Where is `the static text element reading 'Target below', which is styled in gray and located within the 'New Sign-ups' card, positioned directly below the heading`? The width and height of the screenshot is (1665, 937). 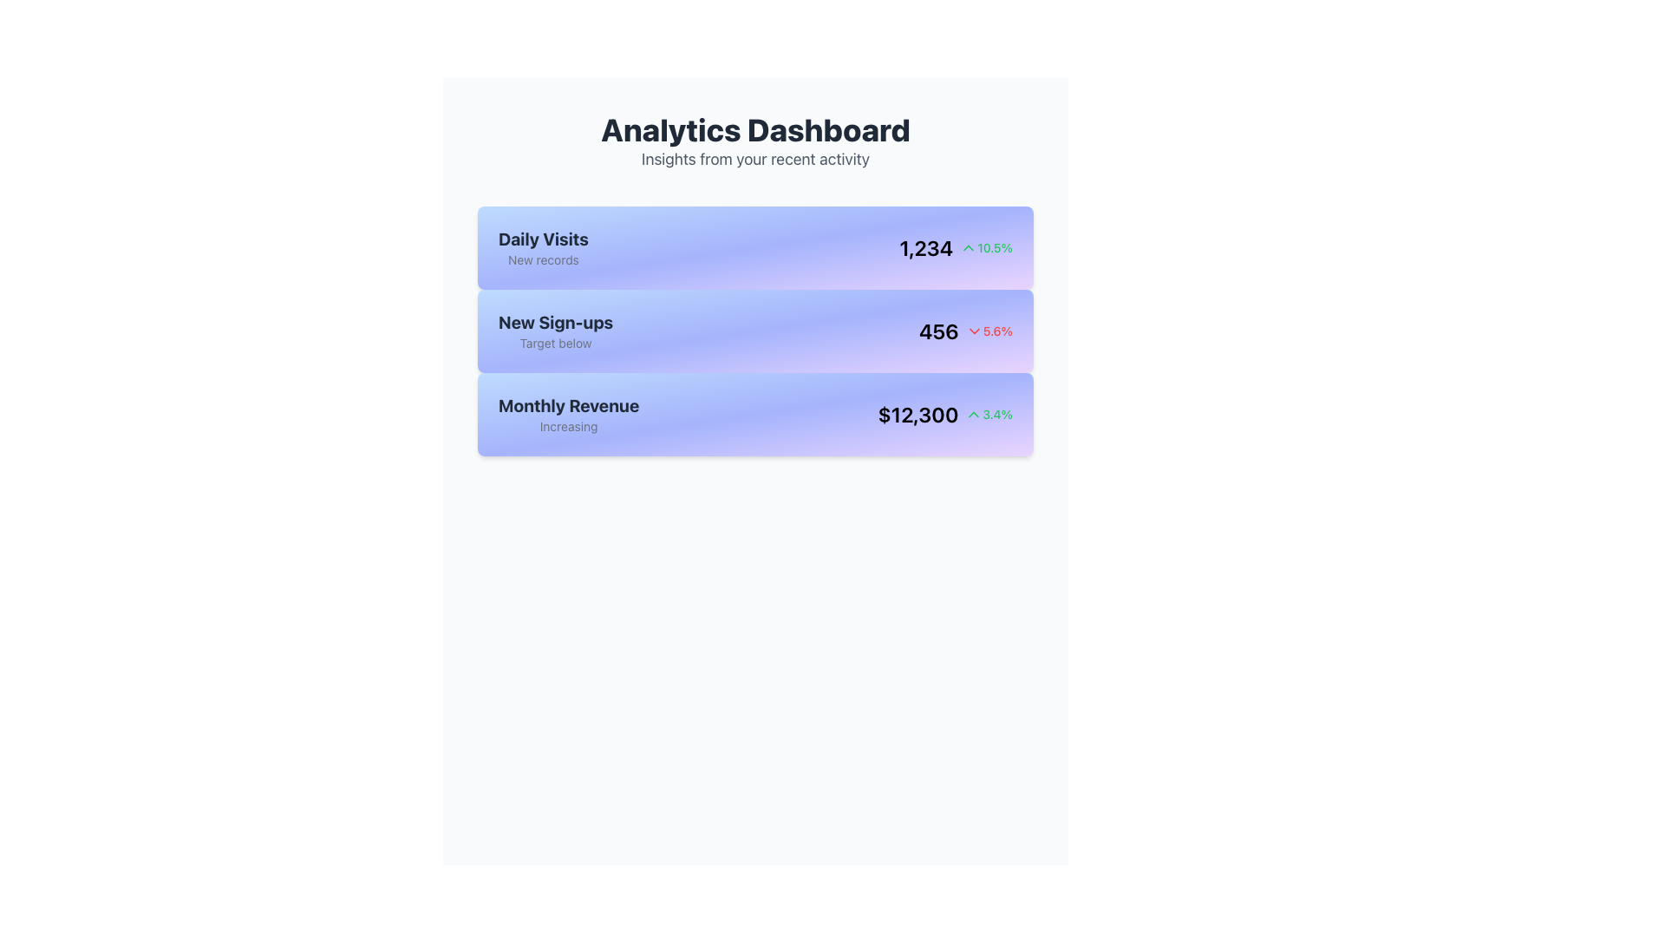
the static text element reading 'Target below', which is styled in gray and located within the 'New Sign-ups' card, positioned directly below the heading is located at coordinates (556, 344).